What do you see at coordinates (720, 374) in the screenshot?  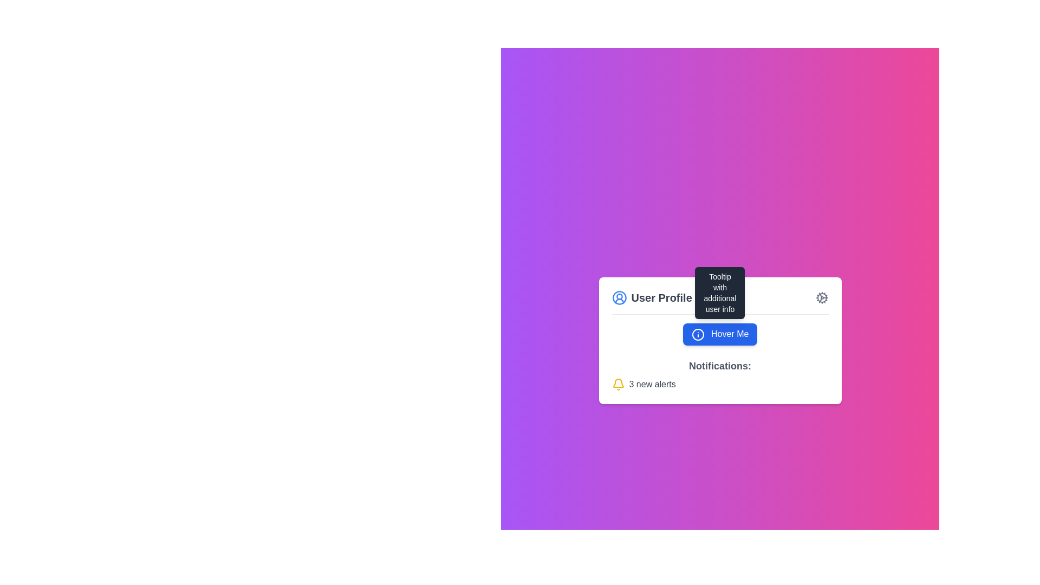 I see `notification details from the informational display labeled 'Notifications:' with '3 new alerts' and a bell icon` at bounding box center [720, 374].